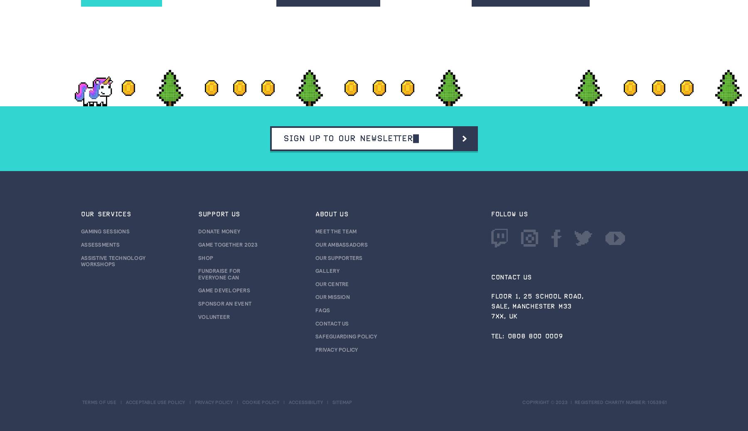  Describe the element at coordinates (322, 310) in the screenshot. I see `'FAQs'` at that location.